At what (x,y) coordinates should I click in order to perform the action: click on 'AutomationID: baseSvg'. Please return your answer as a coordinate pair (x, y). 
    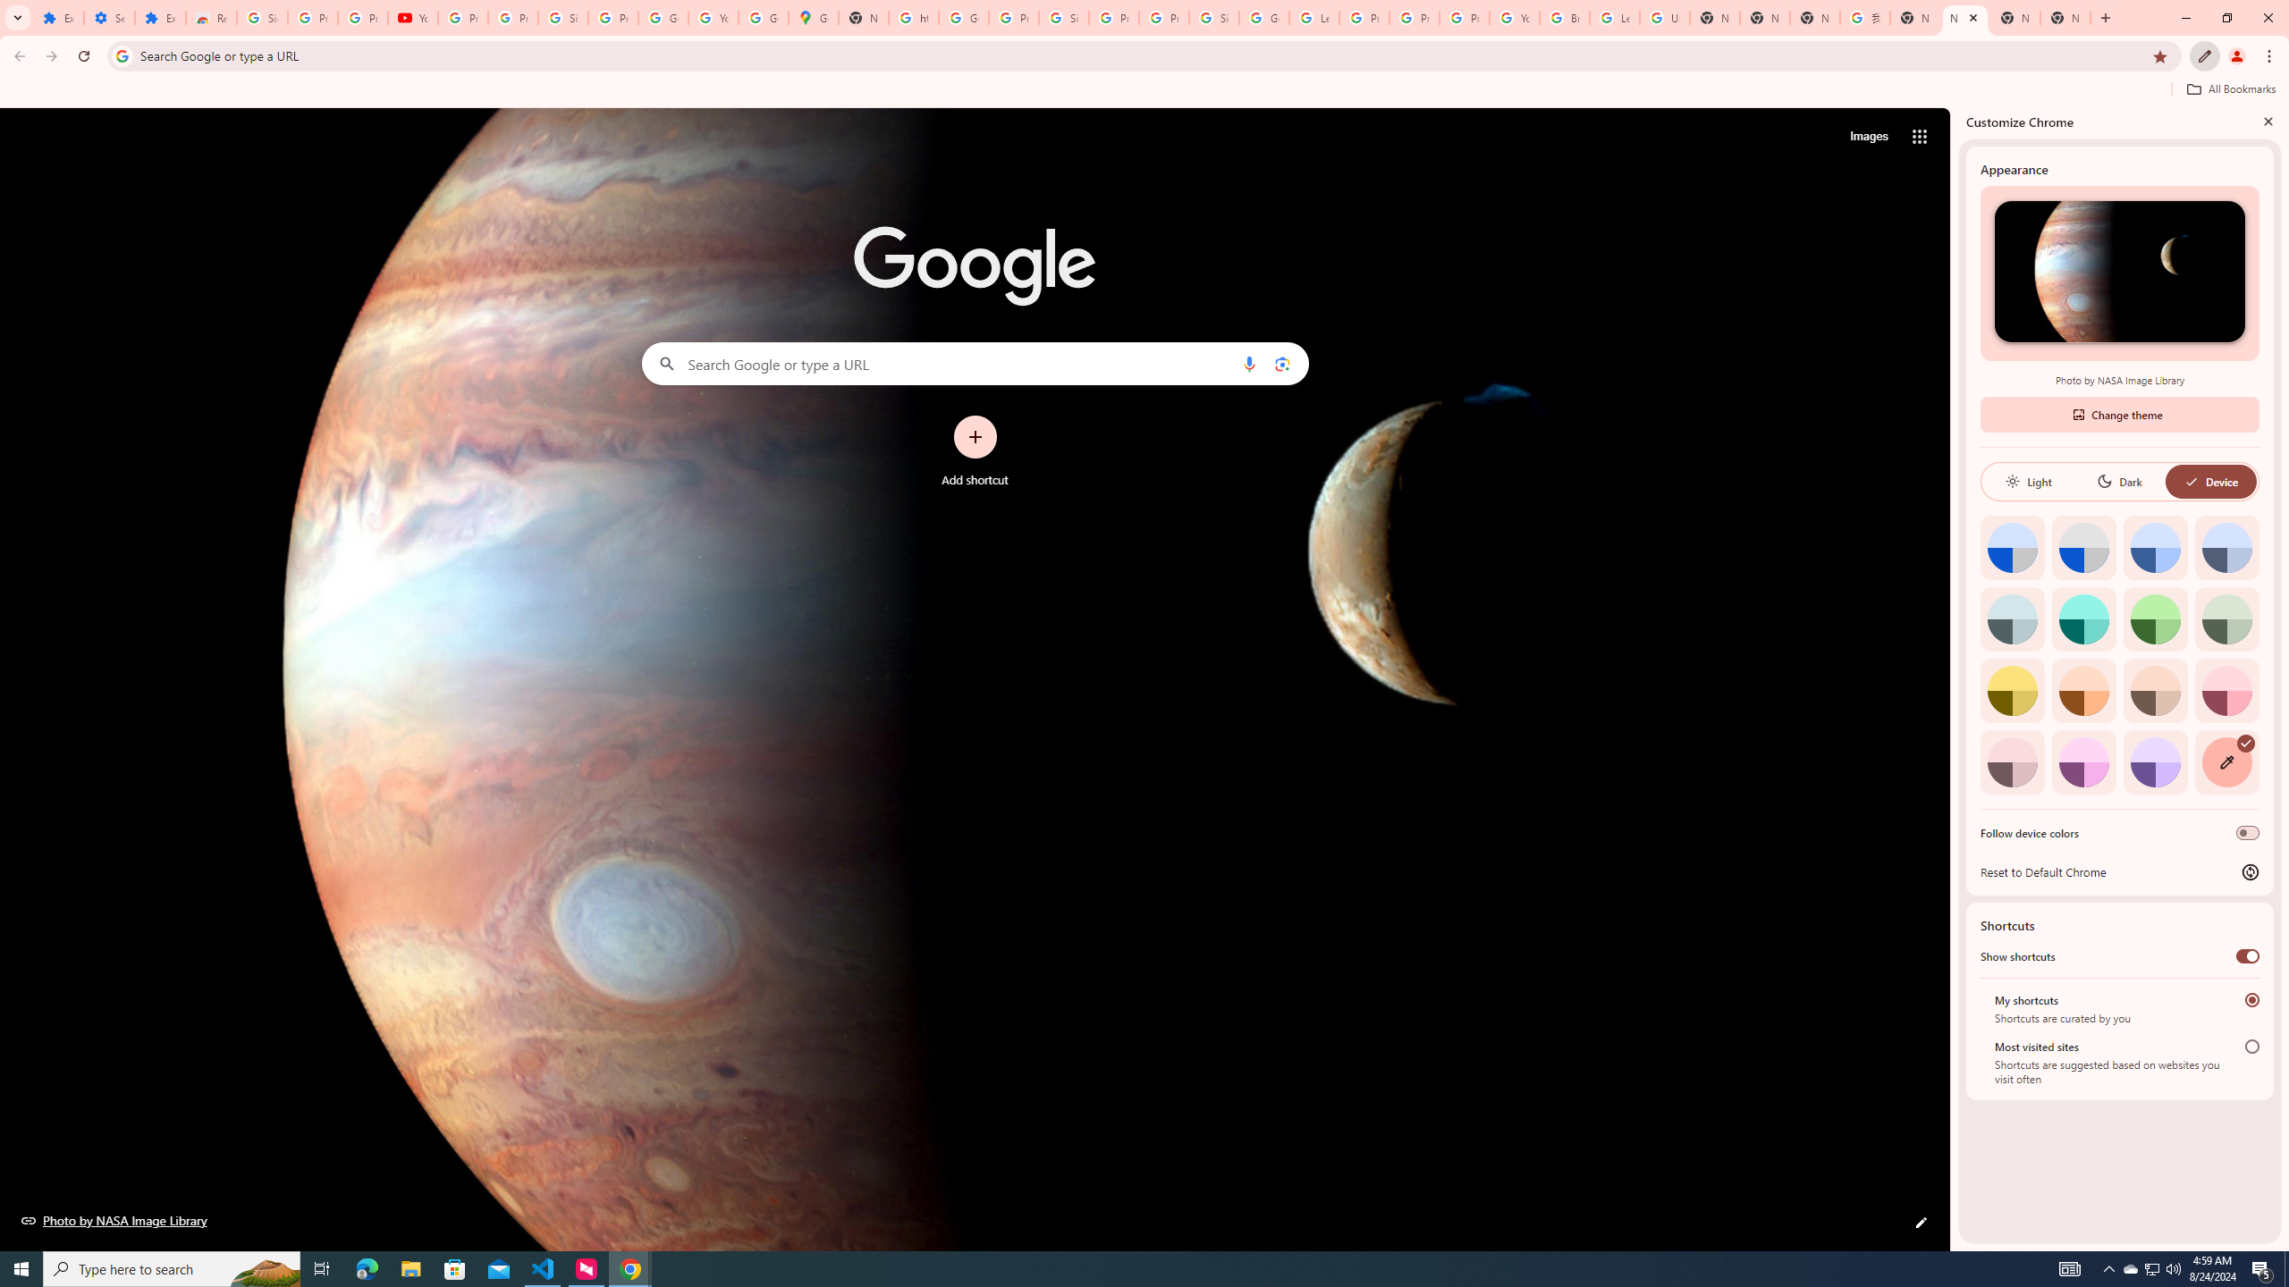
    Looking at the image, I should click on (2191, 480).